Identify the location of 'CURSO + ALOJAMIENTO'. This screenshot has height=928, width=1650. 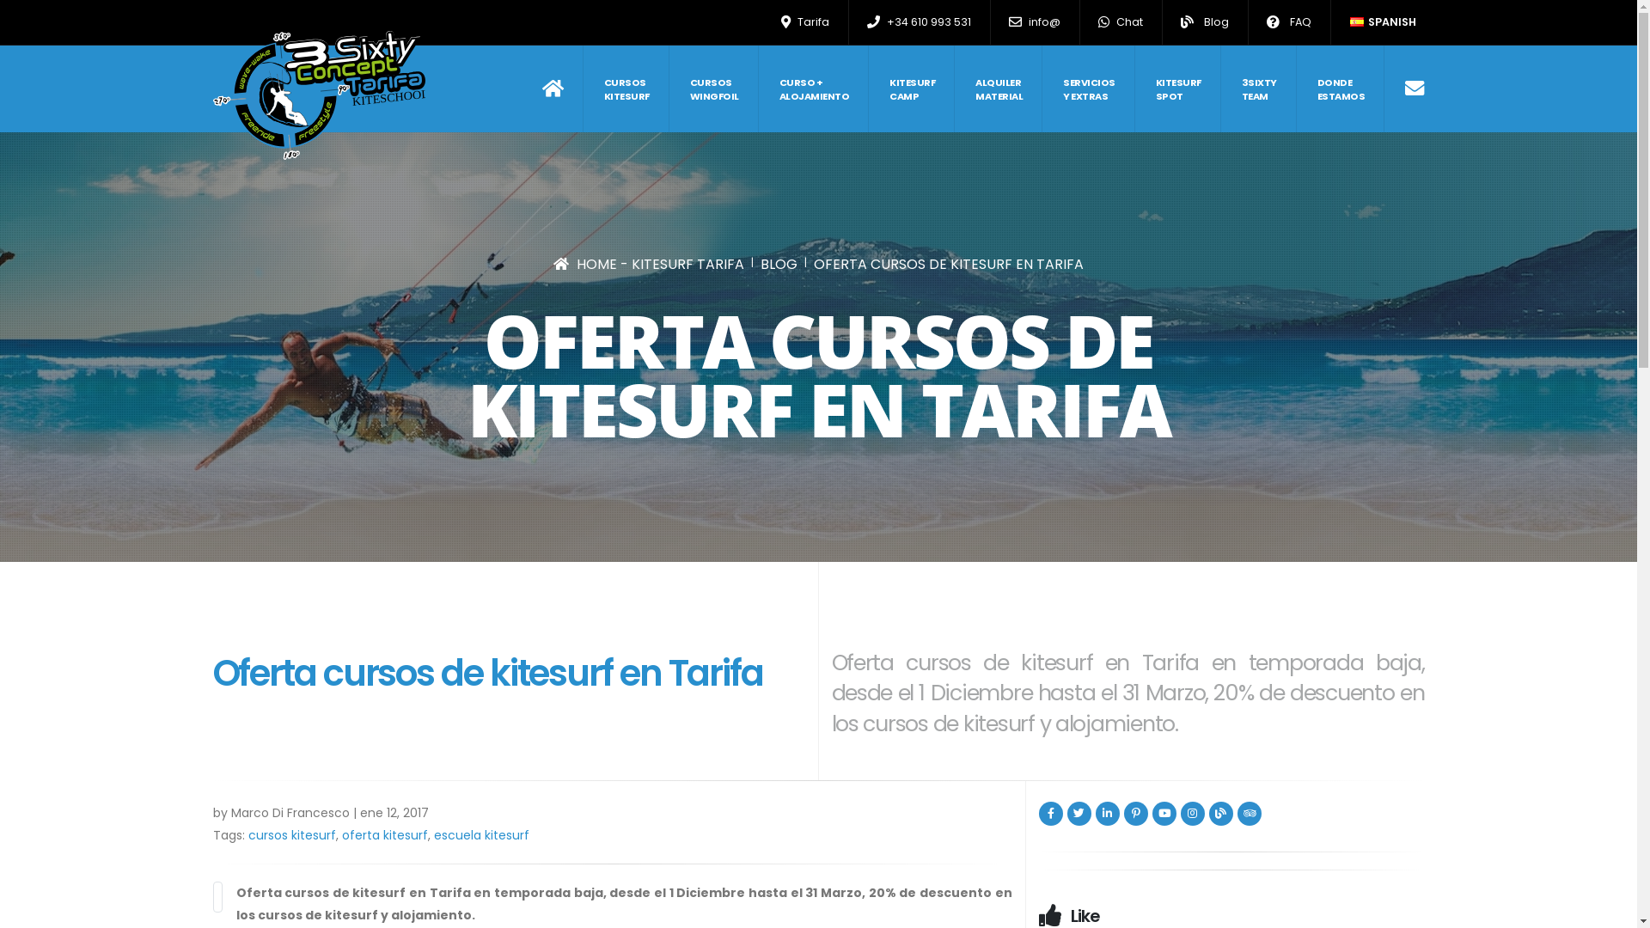
(813, 89).